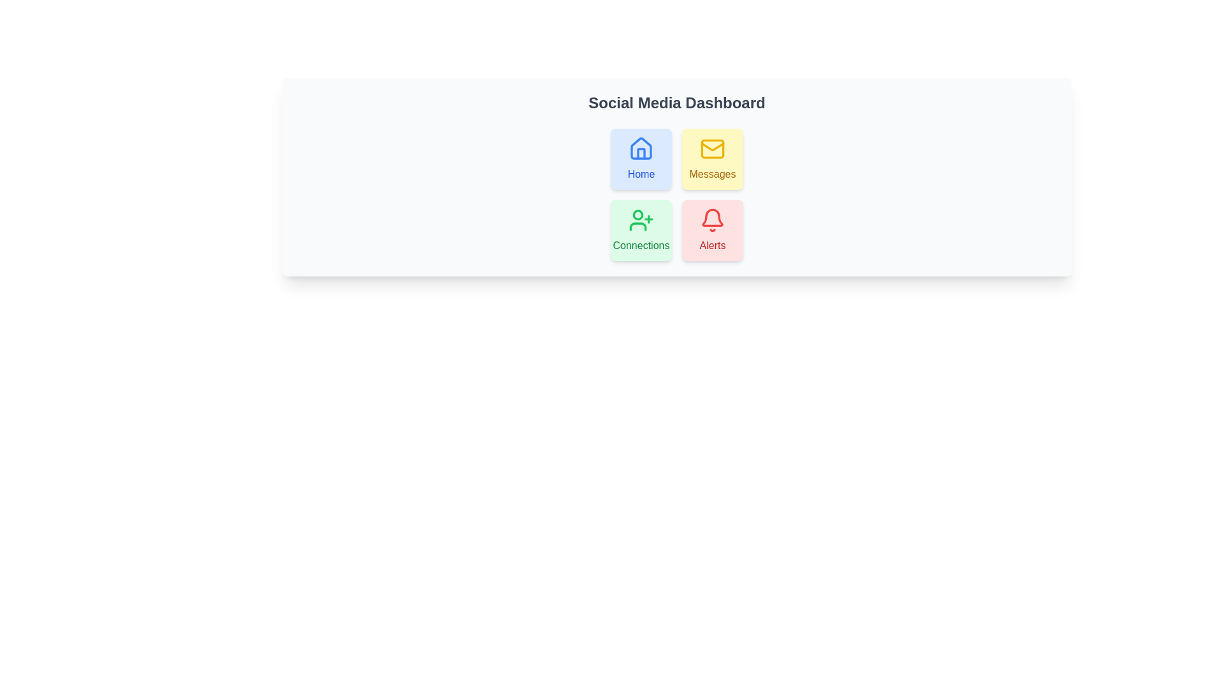  Describe the element at coordinates (712, 148) in the screenshot. I see `the 'Messages' button, which is a square yellow icon located in the first row, second column of the grid` at that location.